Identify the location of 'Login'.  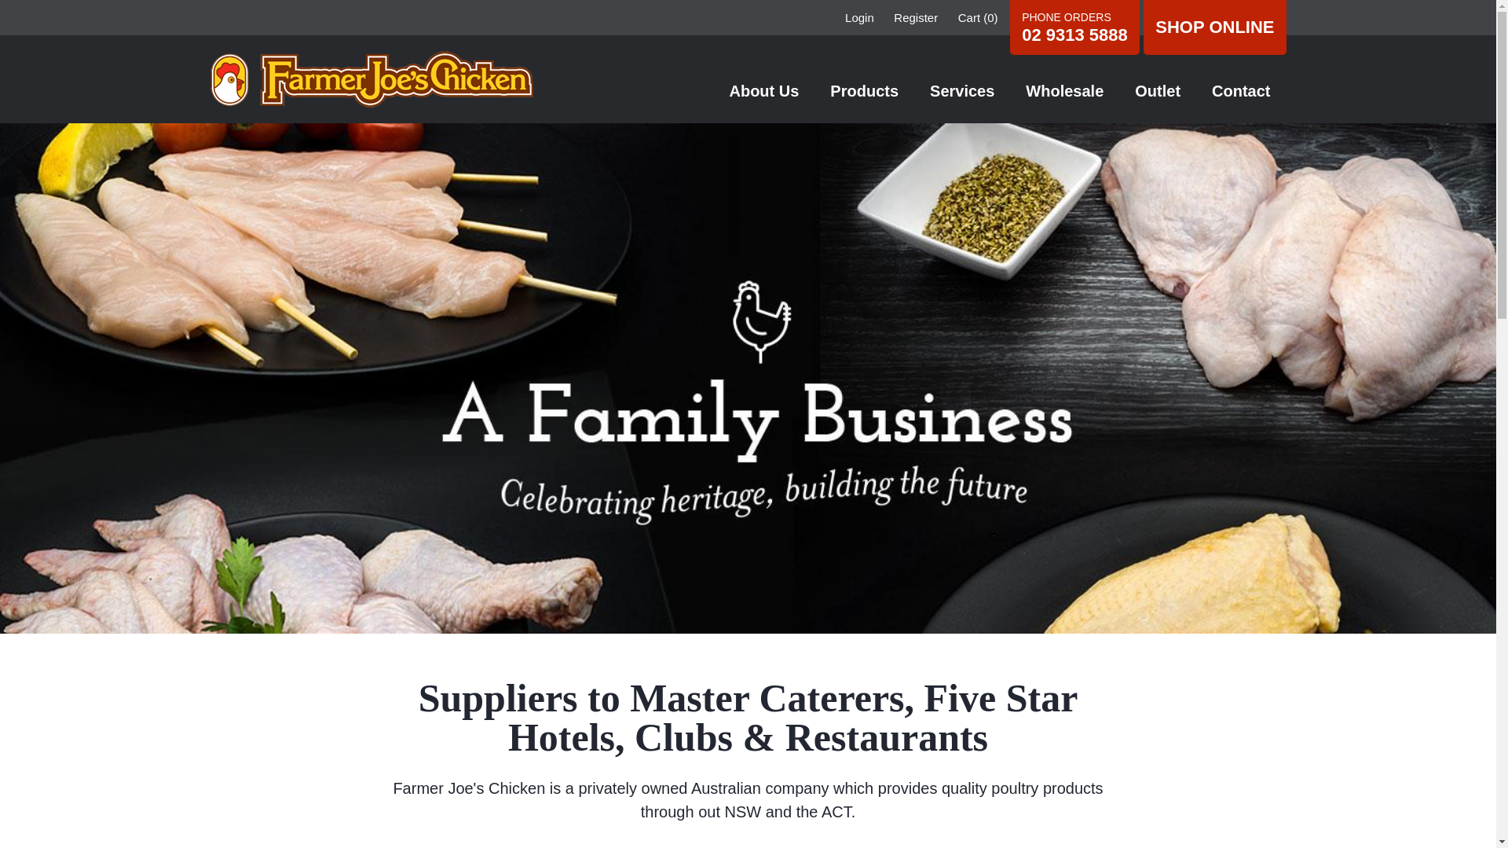
(844, 17).